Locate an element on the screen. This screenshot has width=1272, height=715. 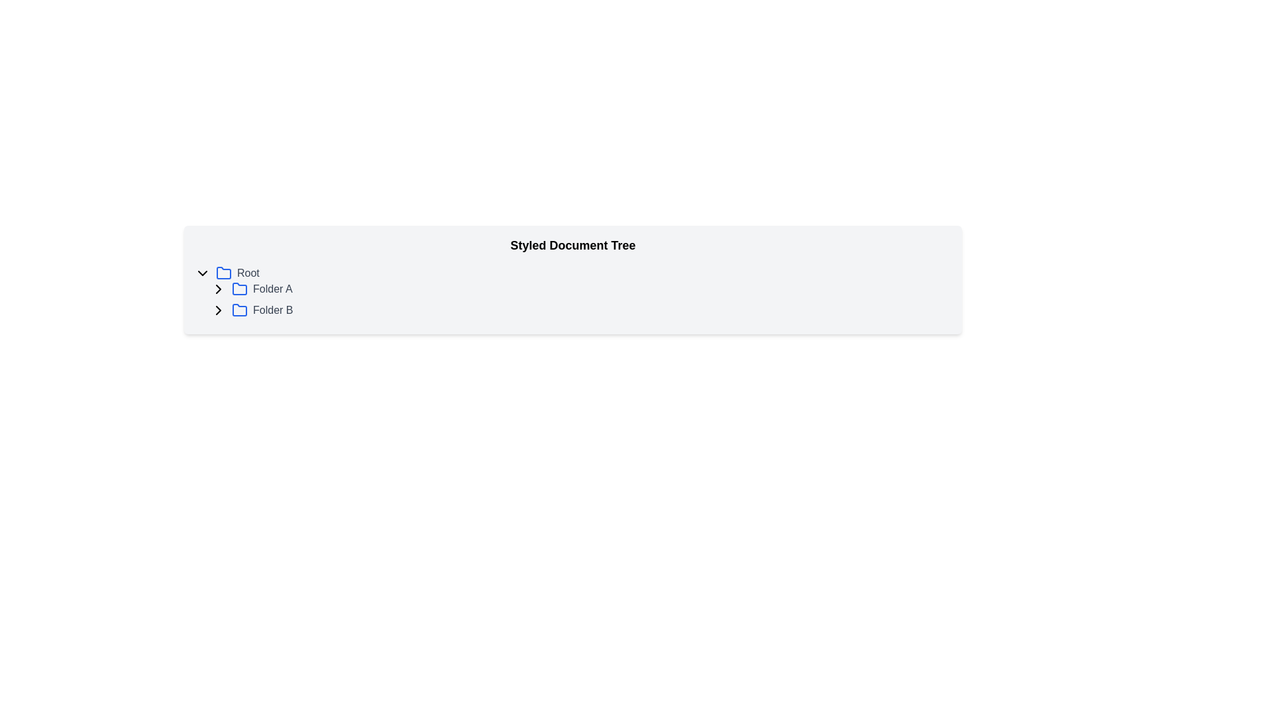
the heading text at the top of the rounded, shadowed box is located at coordinates (572, 245).